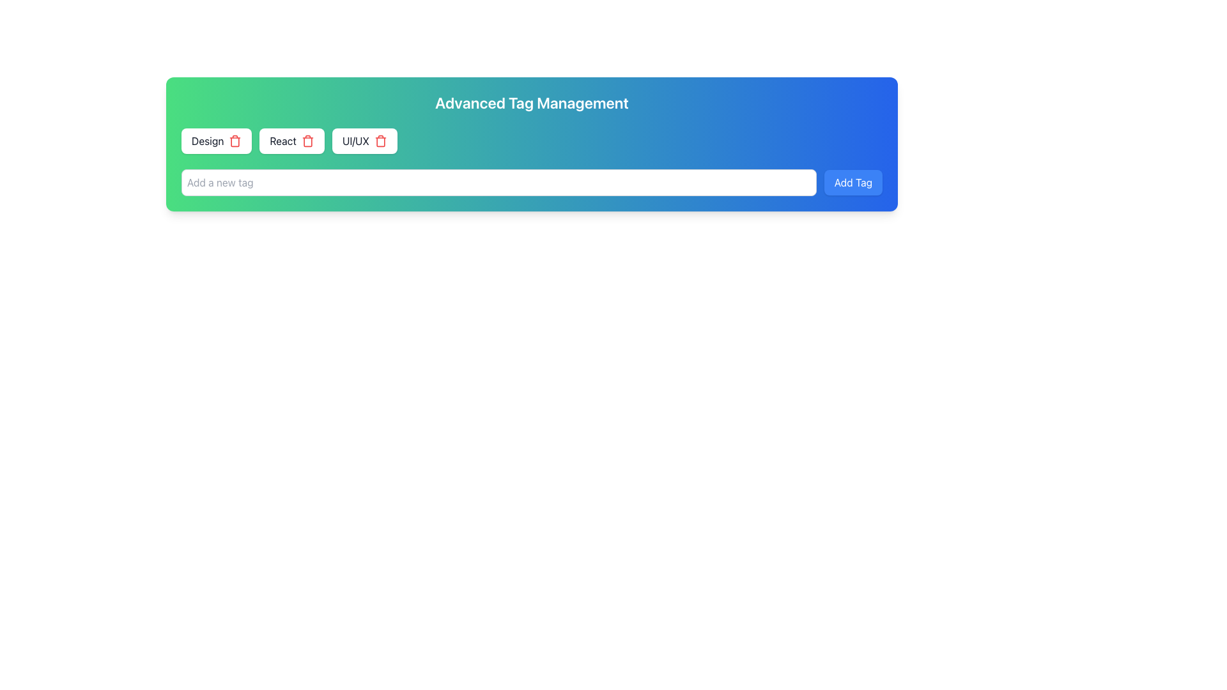  I want to click on the red trash icon button on the far-right side of the 'UI/UX' tag, so click(380, 141).